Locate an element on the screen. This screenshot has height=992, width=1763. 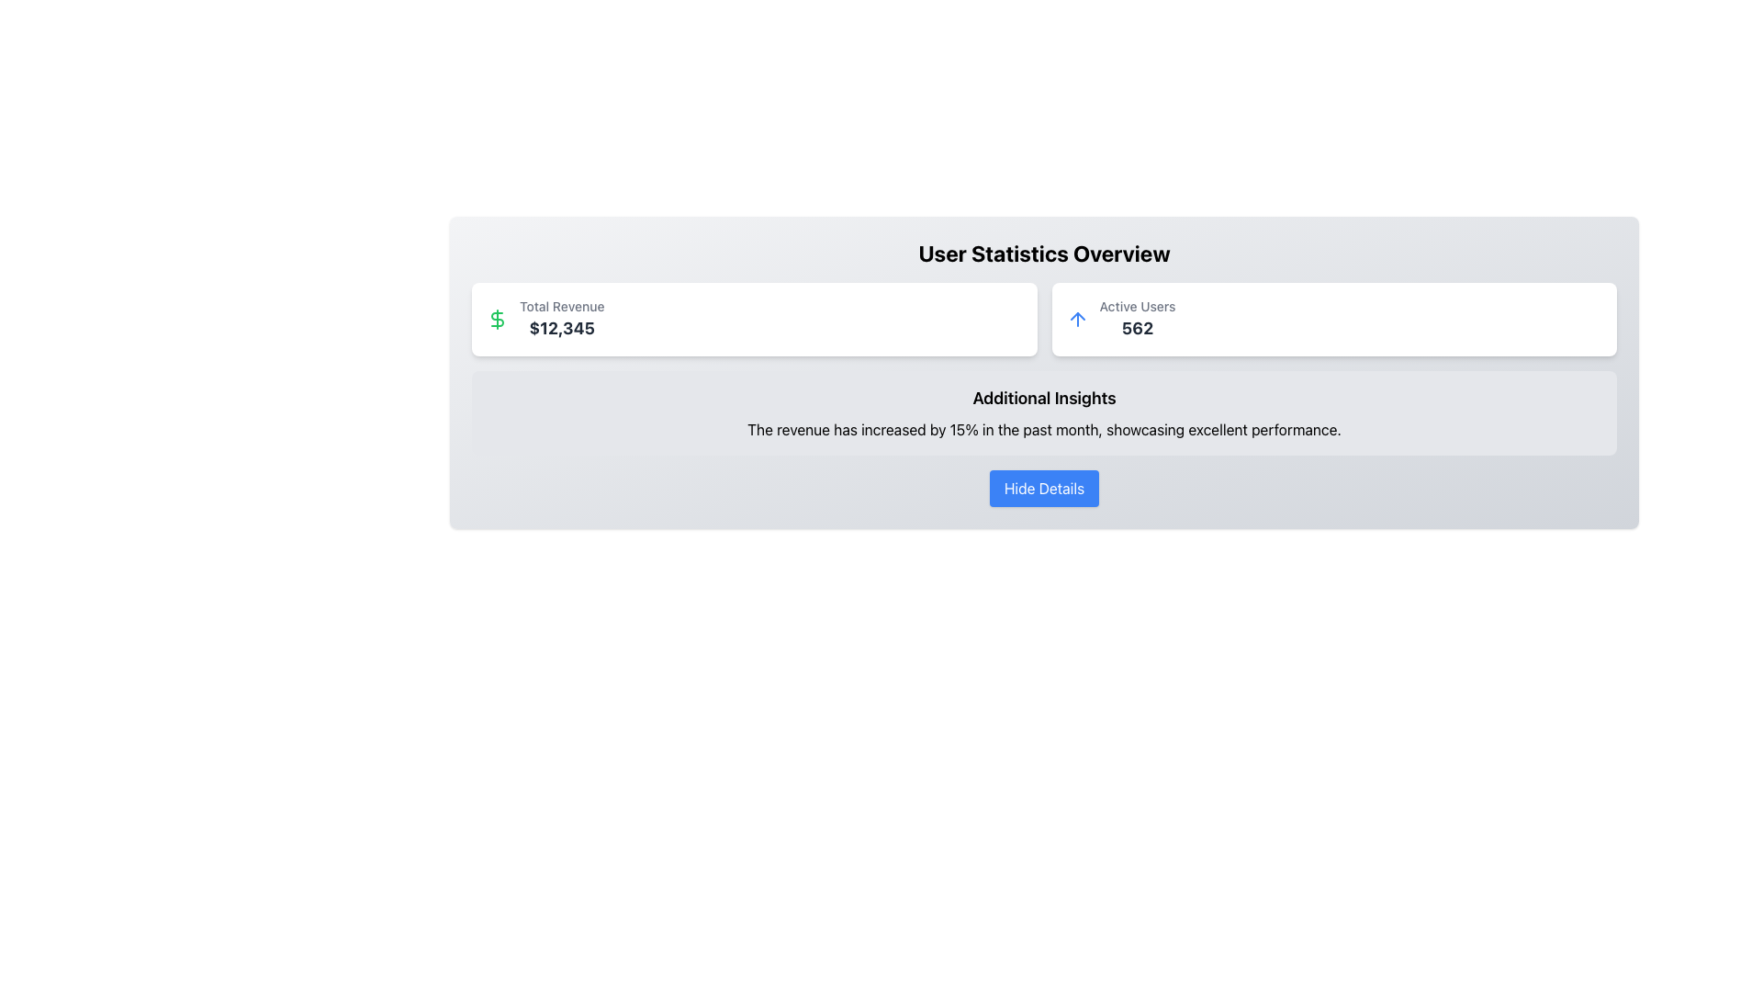
the text label displaying the numerical value '562', which is styled with a bold and large font and is located underneath the label 'Active Users' is located at coordinates (1136, 328).